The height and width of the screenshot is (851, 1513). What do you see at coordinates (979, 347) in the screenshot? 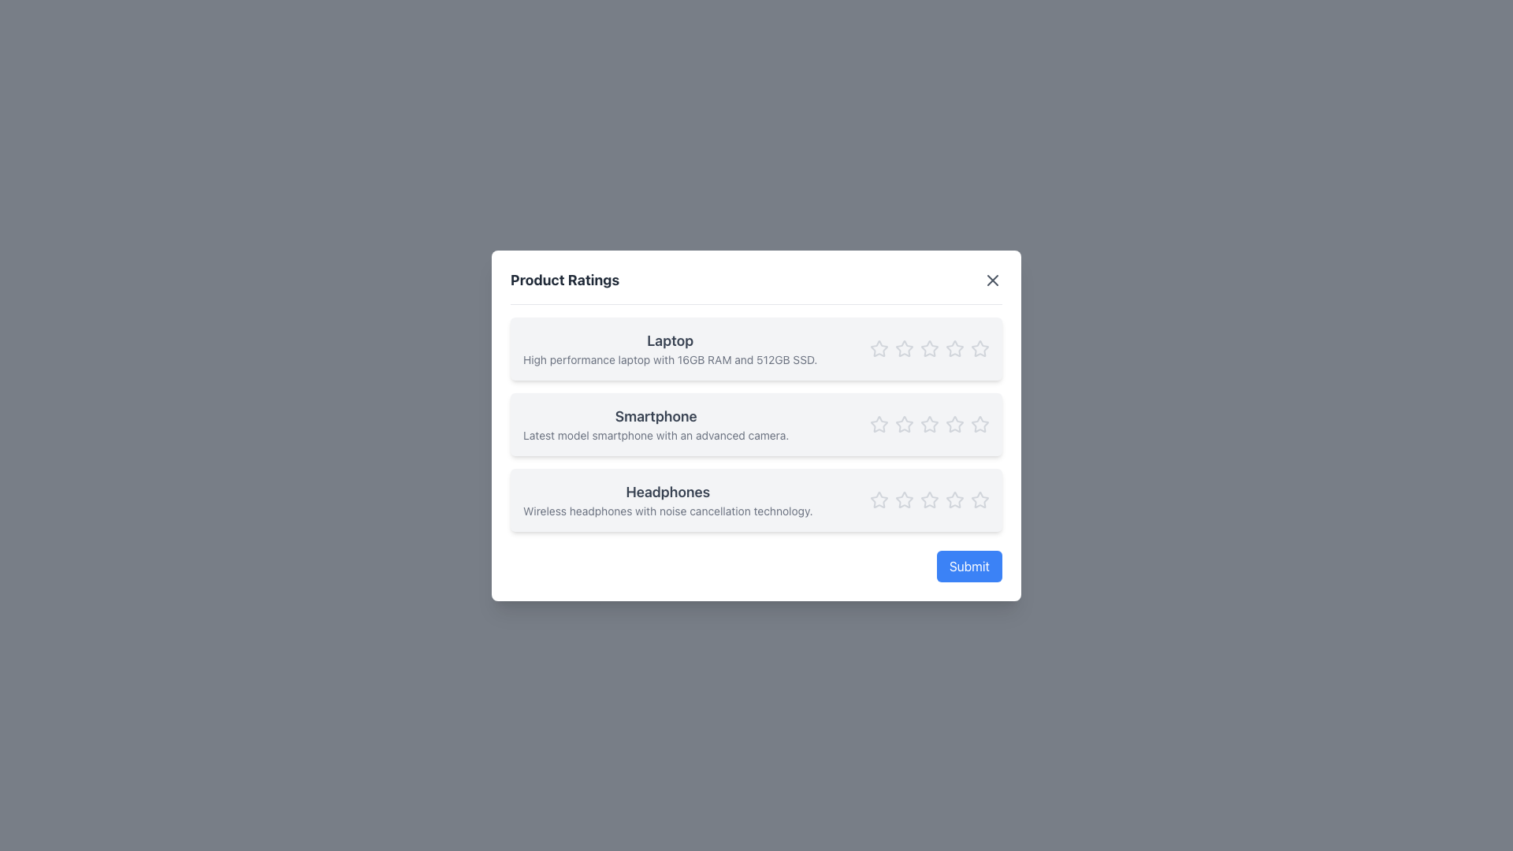
I see `the fifth rating star icon for the 'Laptop' item` at bounding box center [979, 347].